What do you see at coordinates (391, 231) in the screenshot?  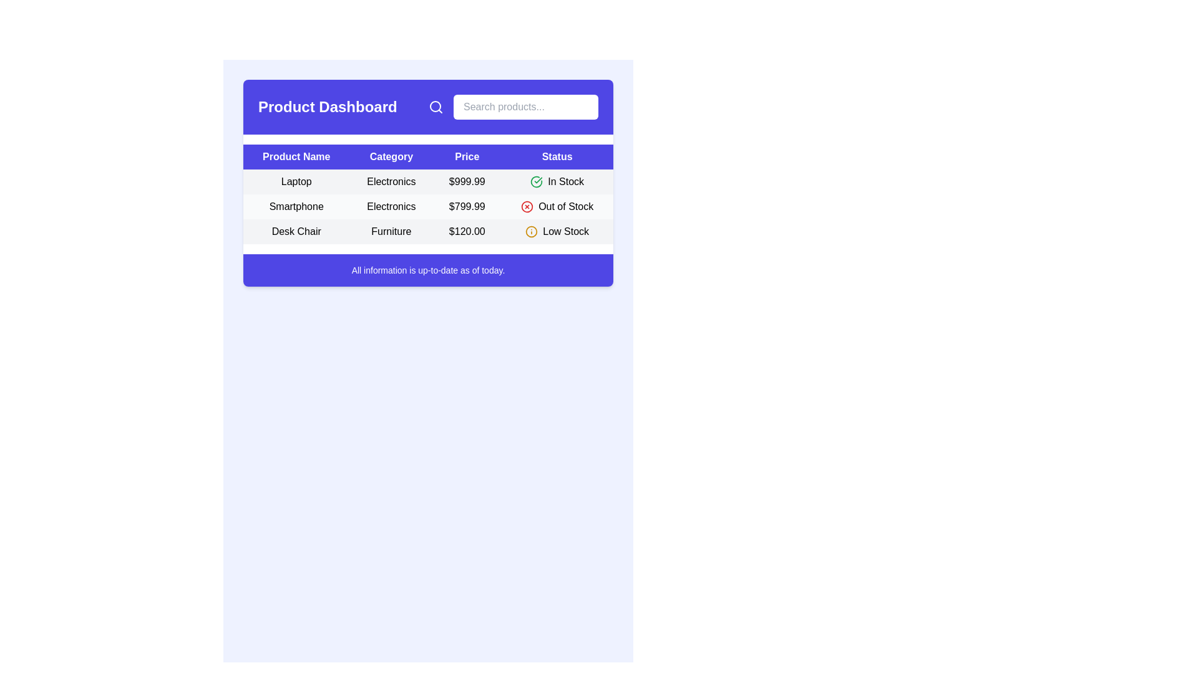 I see `the static text label that displays 'Furniture', which categorizes the item 'Desk Chair' in the table's 'Category' column` at bounding box center [391, 231].